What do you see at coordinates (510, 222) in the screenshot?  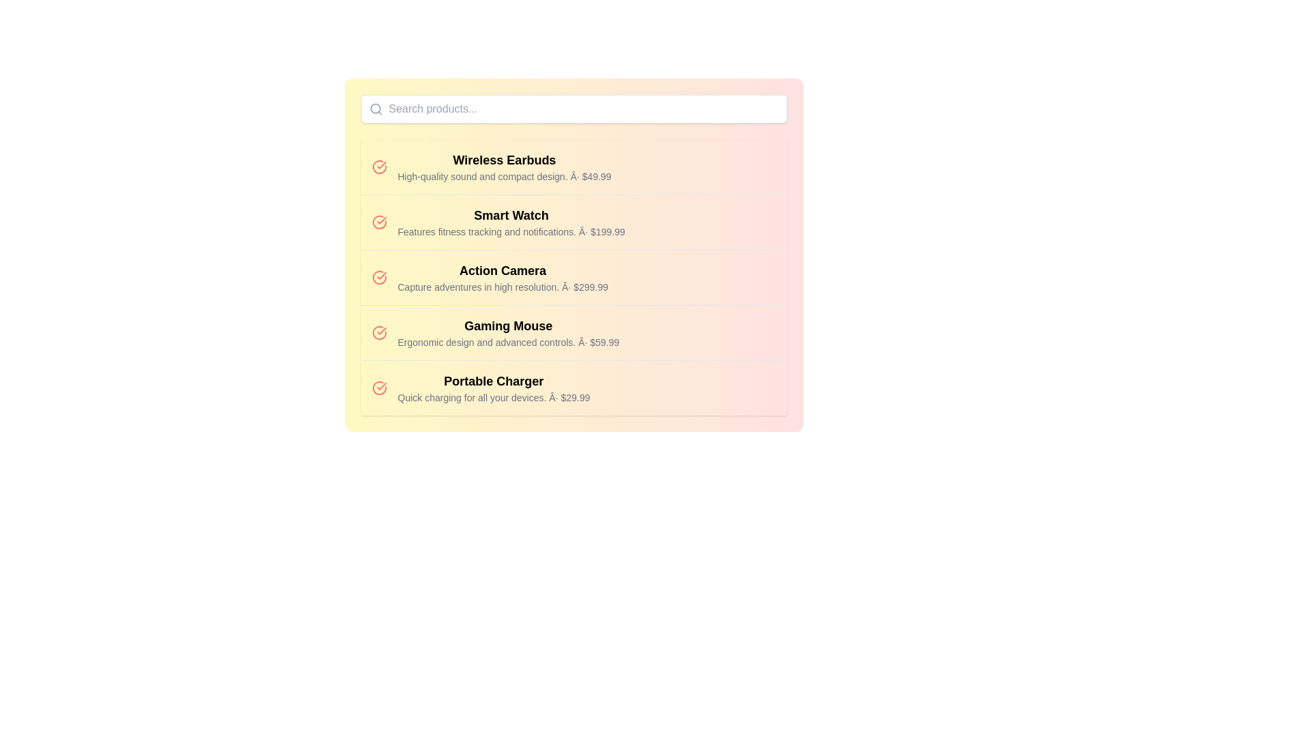 I see `the product item labeled 'Smart Watch' which features fitness tracking and notifications, positioned in the list below 'Wireless Earbuds' and above 'Action Camera'` at bounding box center [510, 222].